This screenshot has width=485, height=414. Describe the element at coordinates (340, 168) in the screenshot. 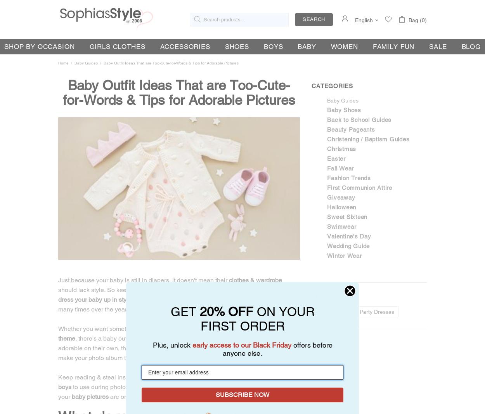

I see `'Fall Wear'` at that location.